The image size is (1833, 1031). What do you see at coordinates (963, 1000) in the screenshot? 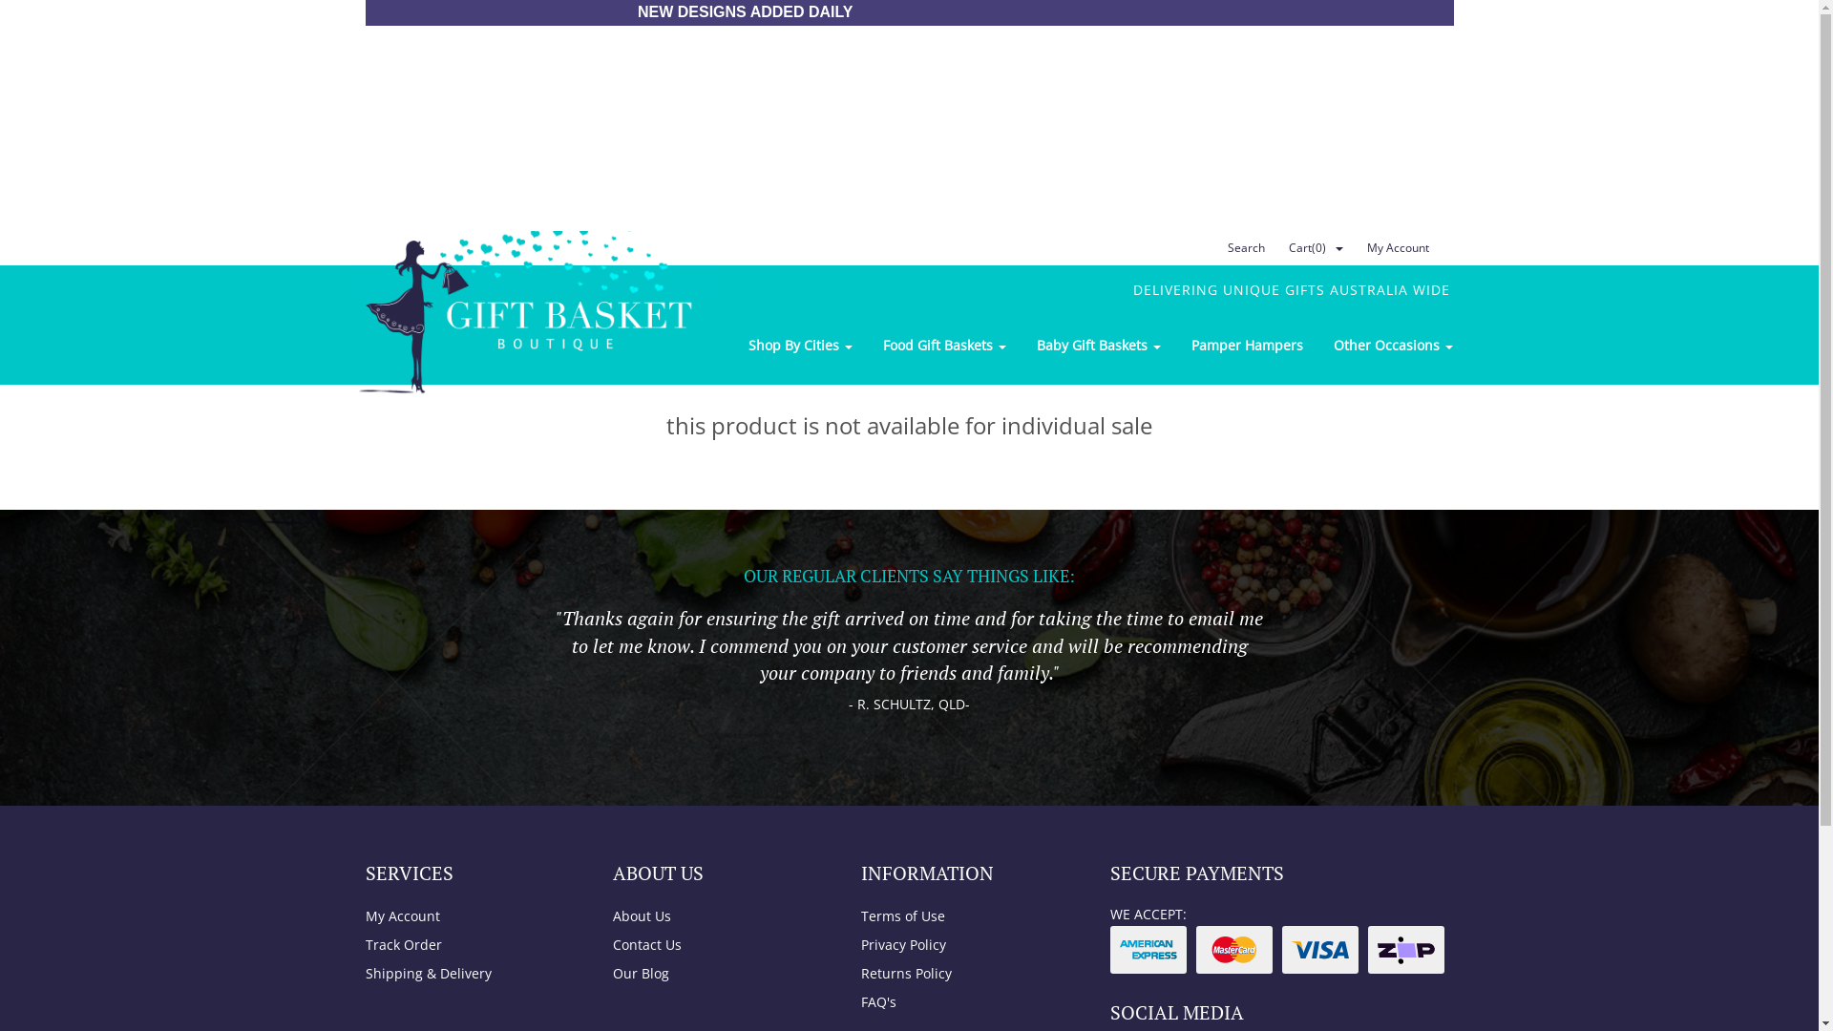
I see `'FAQ's'` at bounding box center [963, 1000].